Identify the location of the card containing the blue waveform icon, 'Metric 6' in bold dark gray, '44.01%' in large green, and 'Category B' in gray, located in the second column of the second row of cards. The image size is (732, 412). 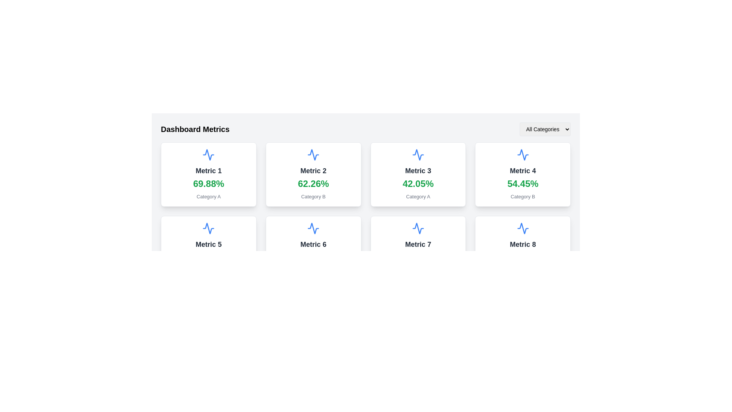
(313, 248).